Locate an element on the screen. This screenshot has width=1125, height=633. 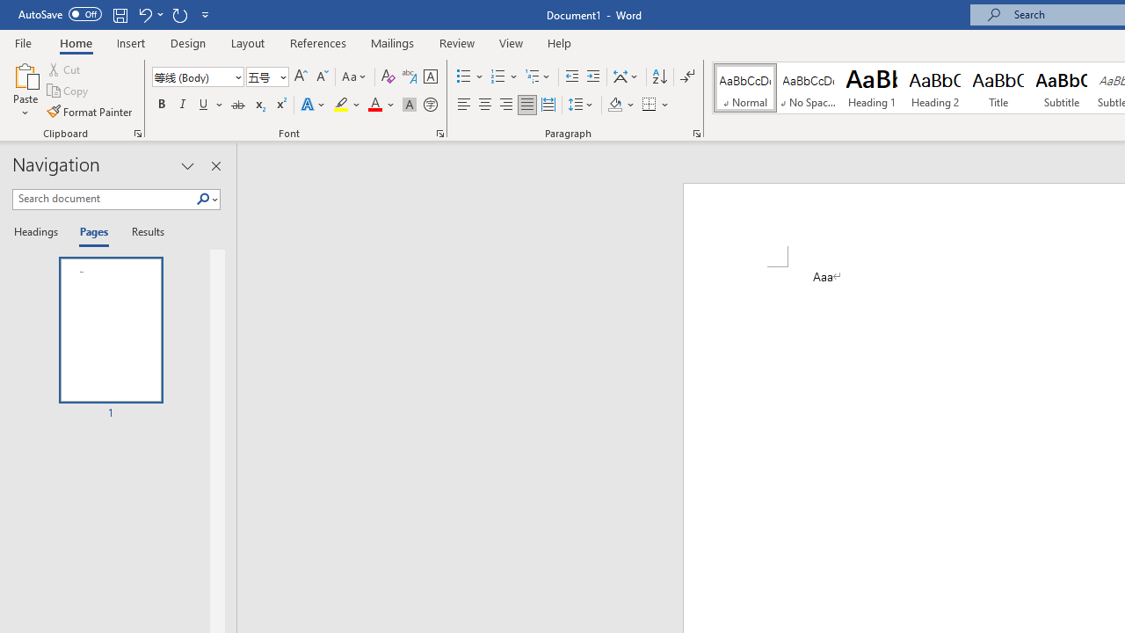
'Character Border' is located at coordinates (430, 76).